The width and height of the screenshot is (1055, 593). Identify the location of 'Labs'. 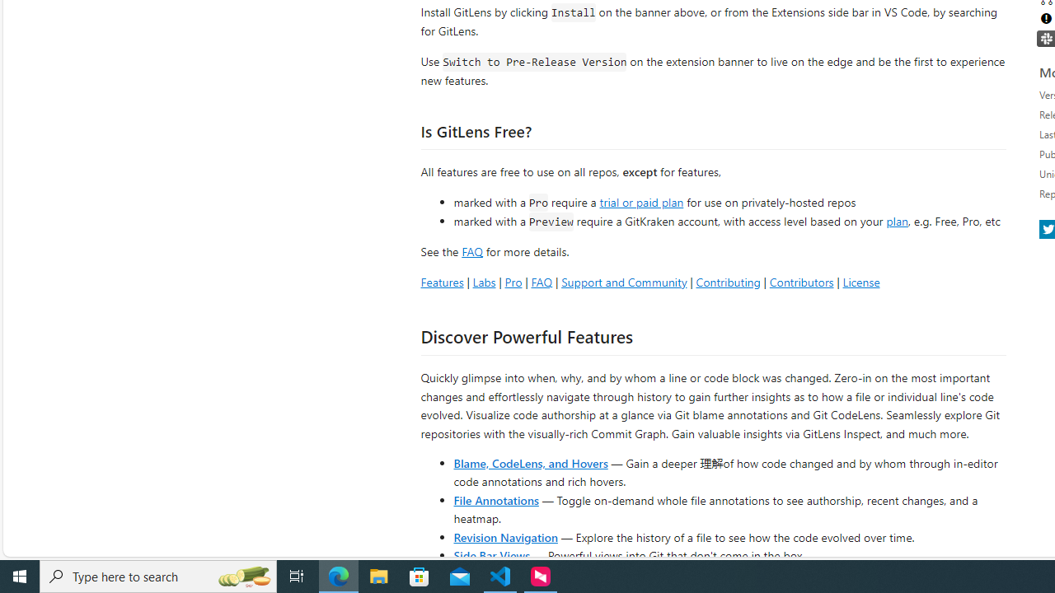
(483, 281).